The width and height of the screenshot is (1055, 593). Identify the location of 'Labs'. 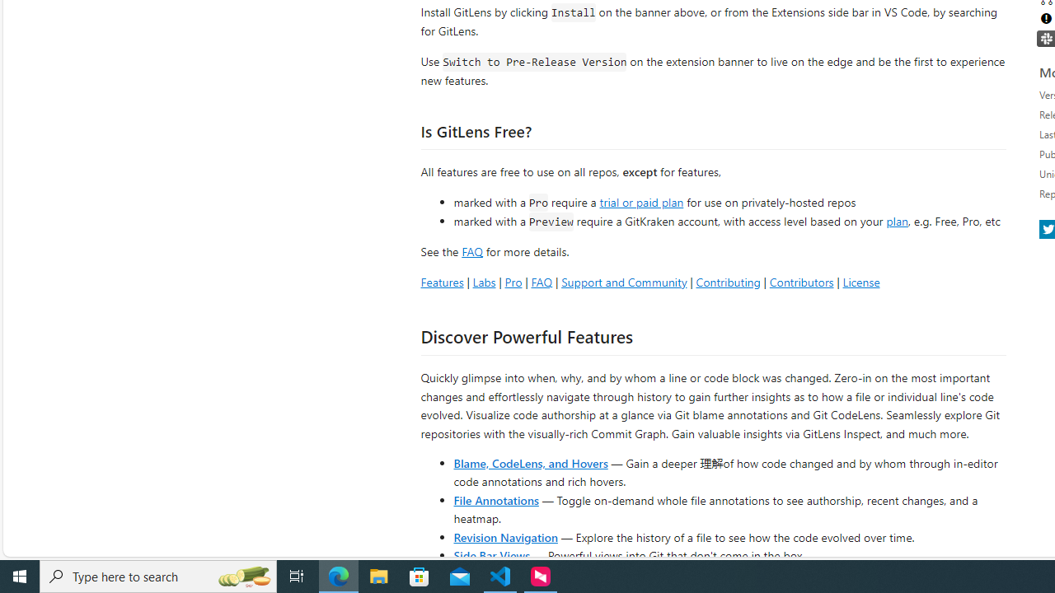
(483, 281).